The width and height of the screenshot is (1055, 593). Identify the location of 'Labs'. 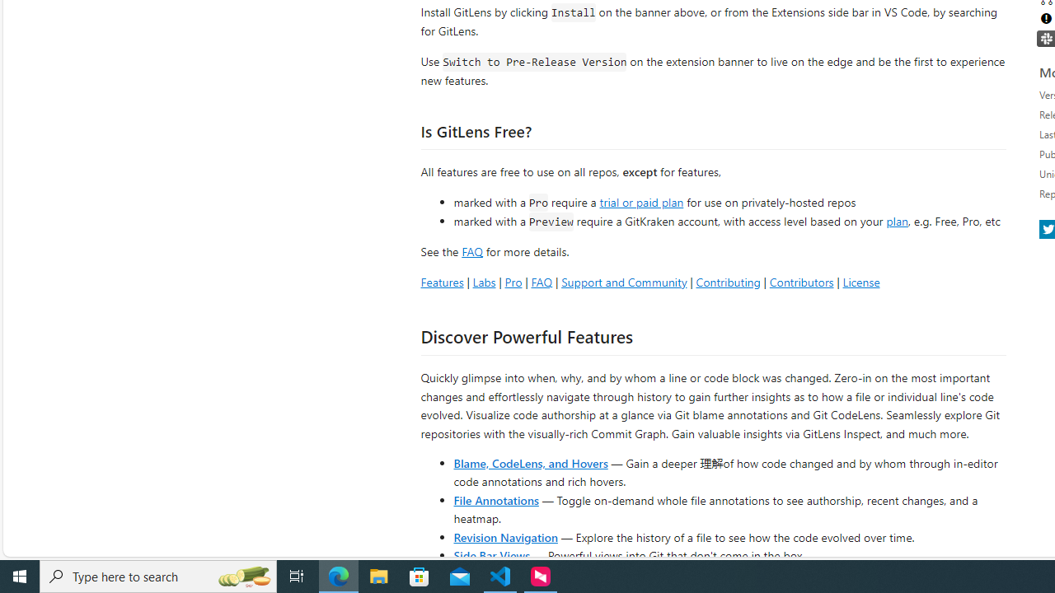
(483, 281).